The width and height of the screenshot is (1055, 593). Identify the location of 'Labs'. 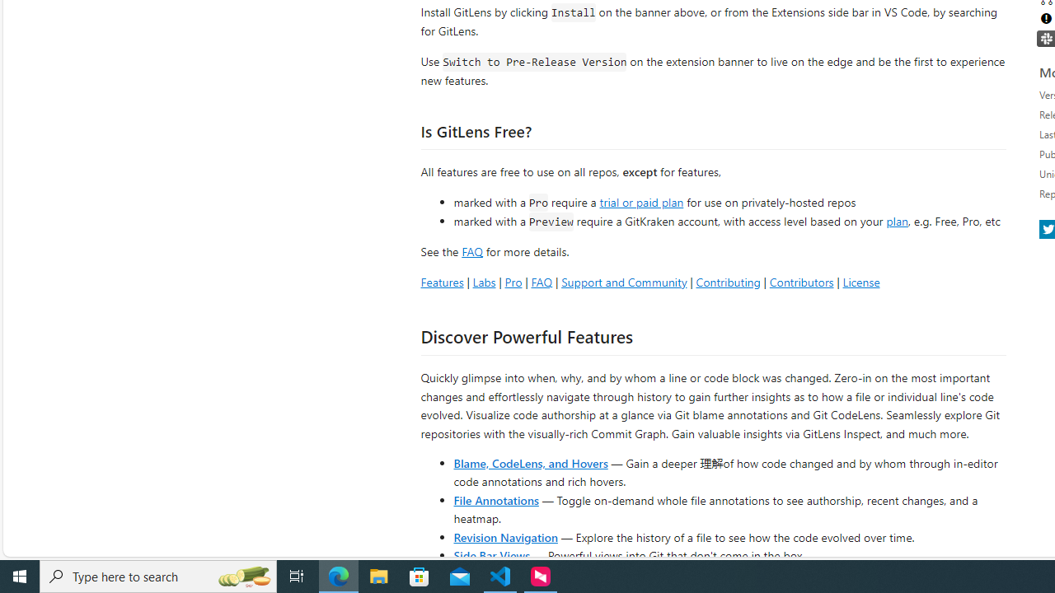
(483, 281).